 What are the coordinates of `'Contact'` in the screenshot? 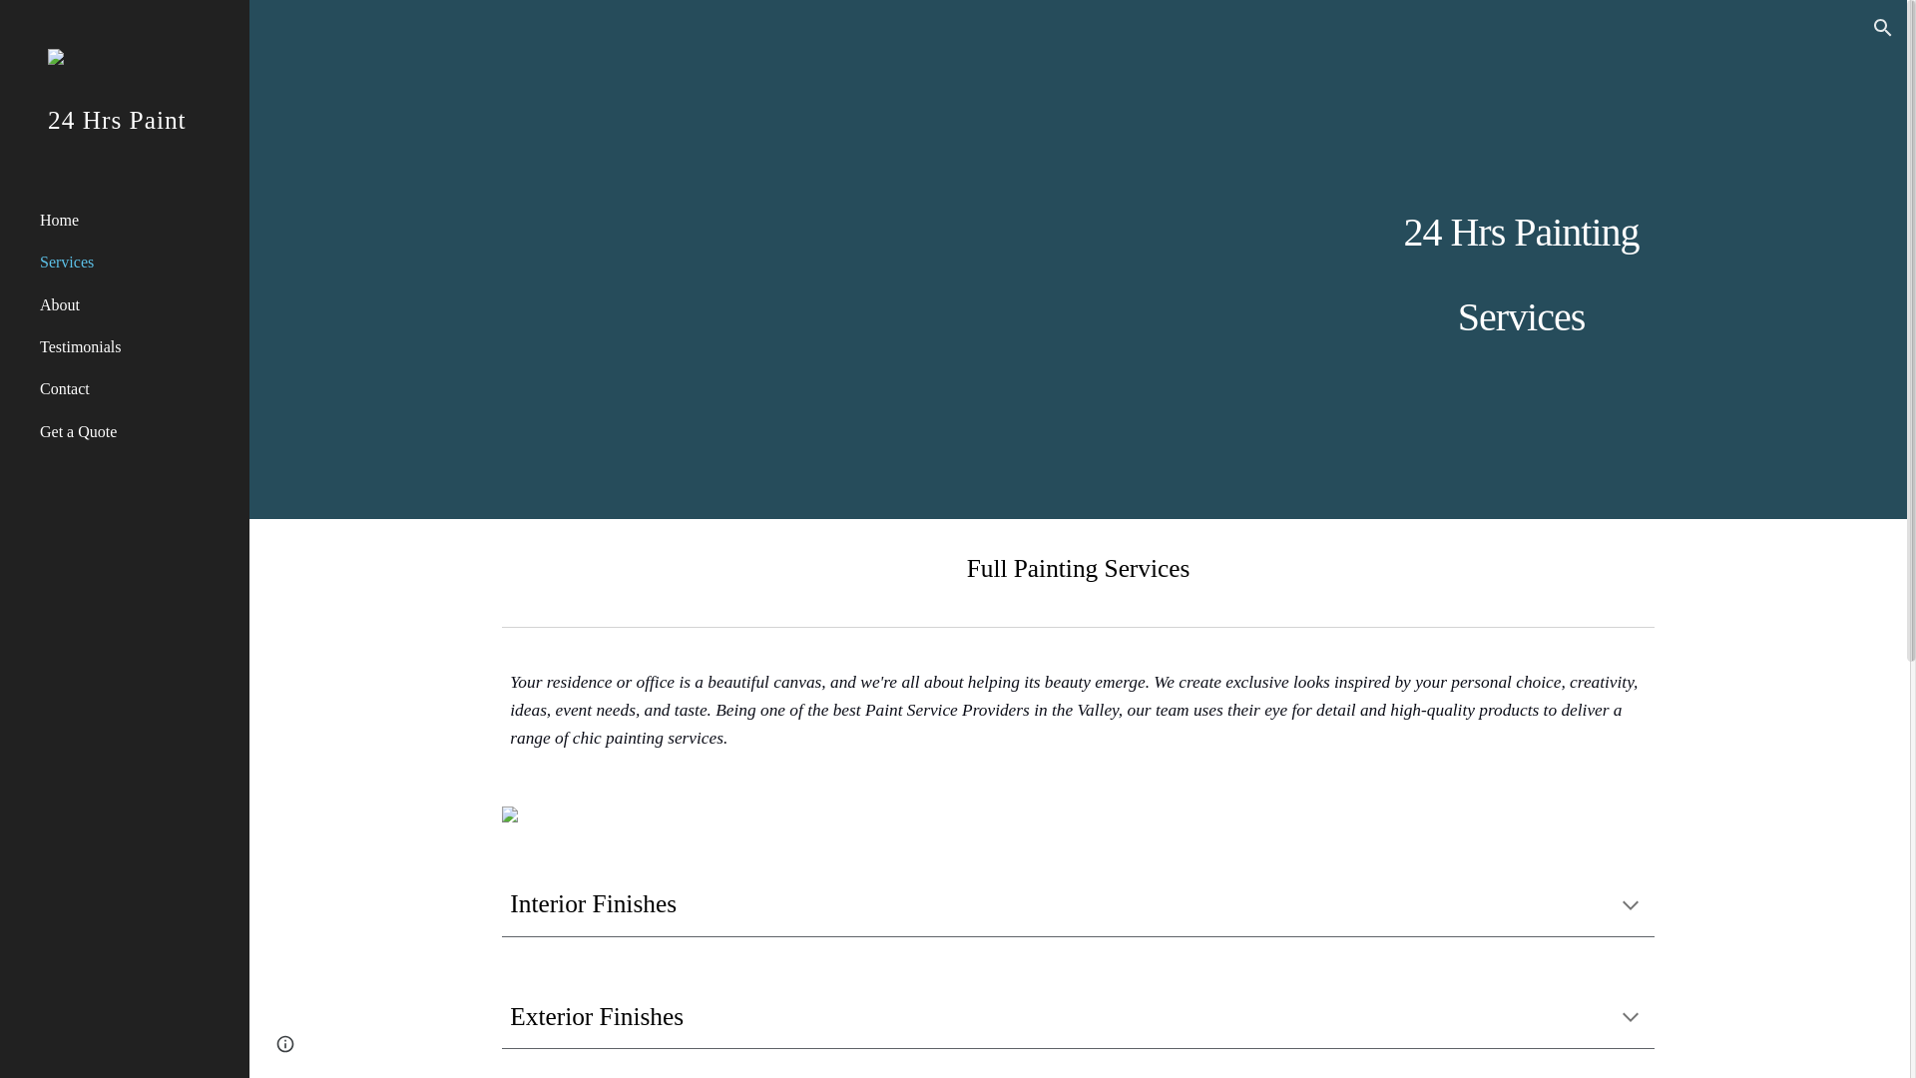 It's located at (136, 388).